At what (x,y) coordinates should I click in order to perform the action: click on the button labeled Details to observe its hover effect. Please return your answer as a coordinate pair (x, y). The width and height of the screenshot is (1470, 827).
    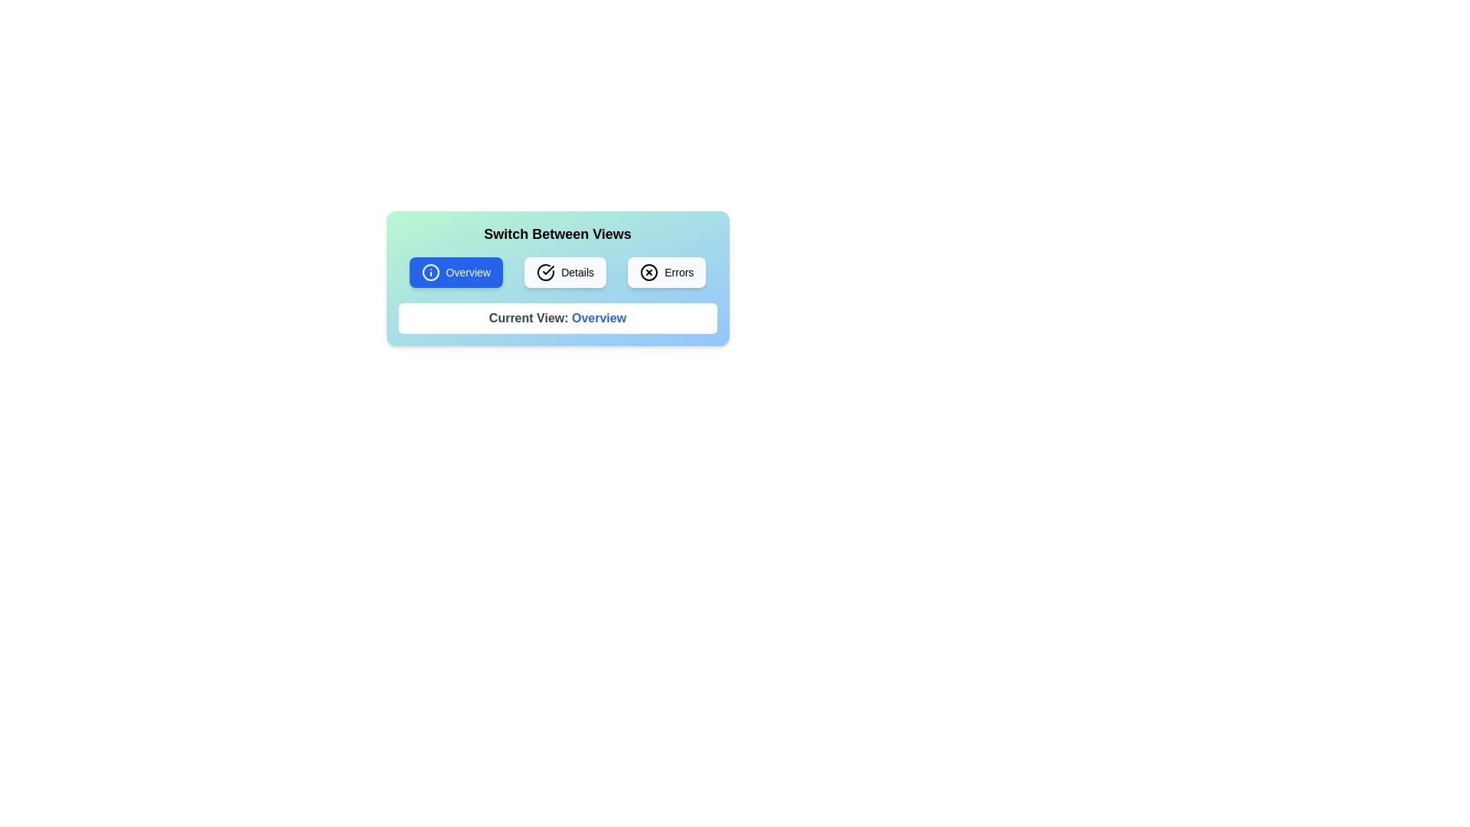
    Looking at the image, I should click on (564, 271).